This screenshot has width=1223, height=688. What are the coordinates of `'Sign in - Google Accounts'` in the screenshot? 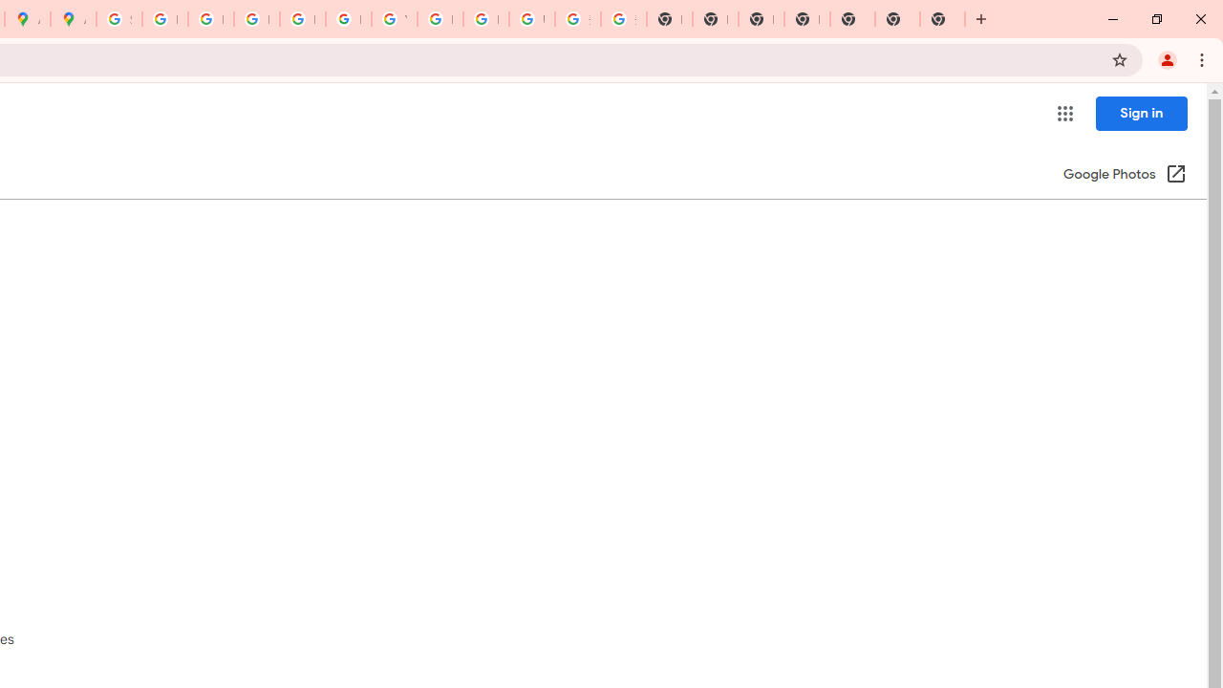 It's located at (118, 19).